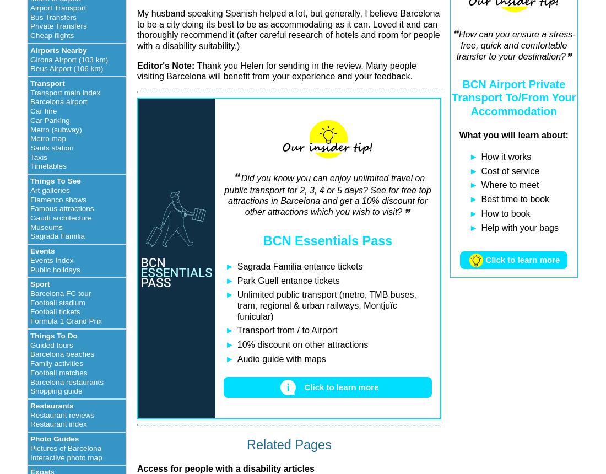 The width and height of the screenshot is (606, 474). I want to click on 'Art galleries', so click(50, 190).